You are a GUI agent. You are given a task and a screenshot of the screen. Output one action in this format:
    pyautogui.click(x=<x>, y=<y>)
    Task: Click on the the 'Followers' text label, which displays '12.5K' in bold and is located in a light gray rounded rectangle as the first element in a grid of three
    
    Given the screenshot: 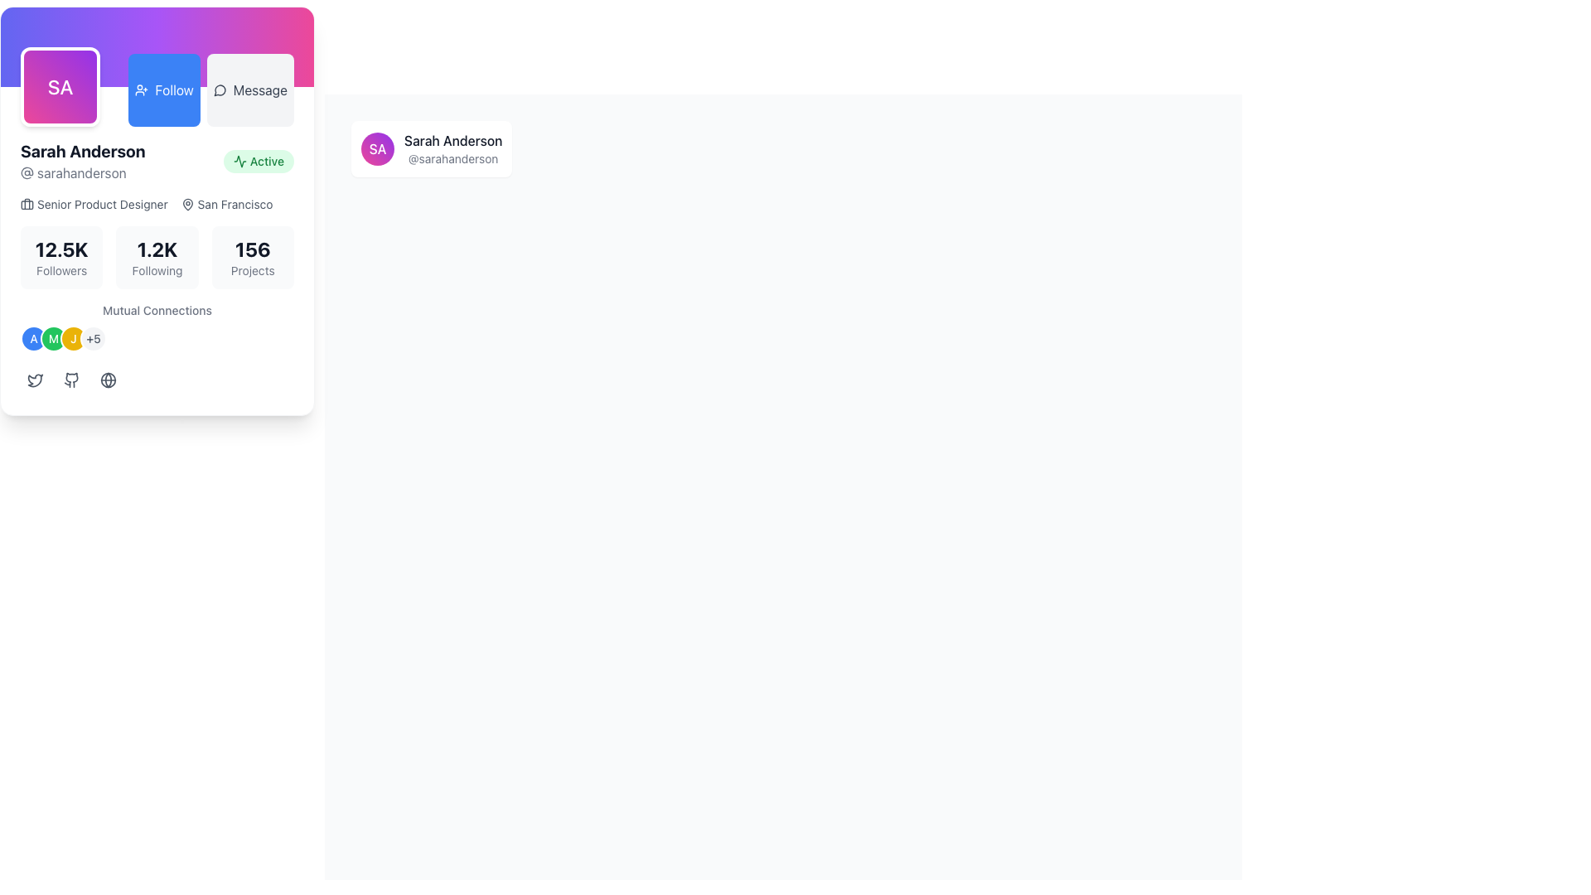 What is the action you would take?
    pyautogui.click(x=61, y=258)
    